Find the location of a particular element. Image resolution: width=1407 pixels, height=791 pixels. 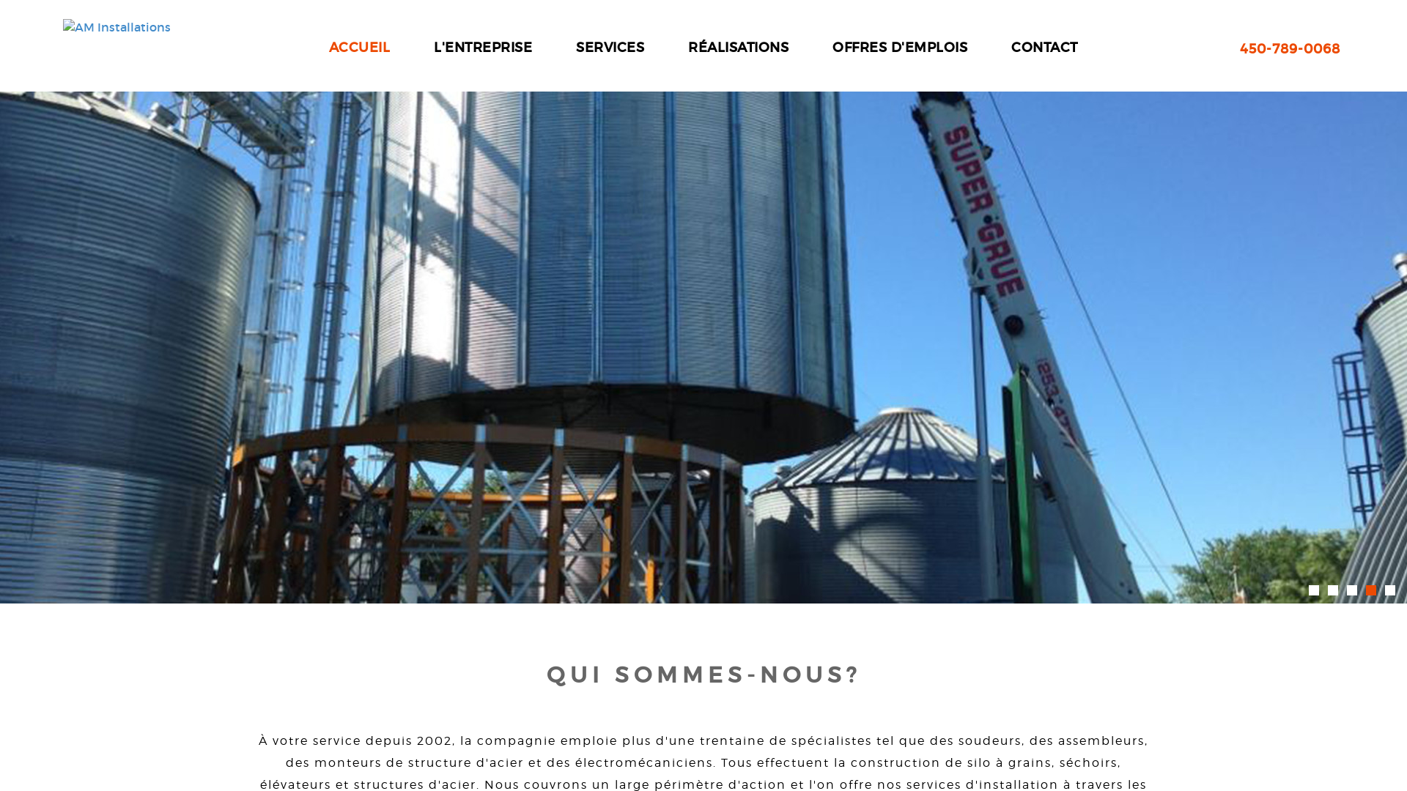

'5' is located at coordinates (1389, 590).